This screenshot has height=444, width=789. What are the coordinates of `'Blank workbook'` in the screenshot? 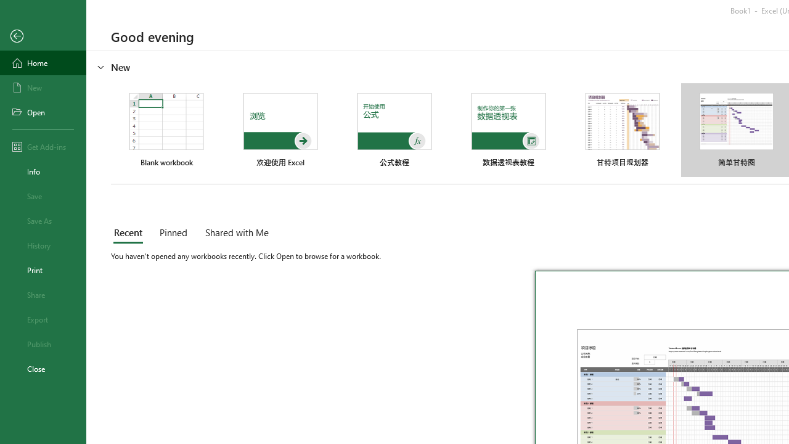 It's located at (166, 130).